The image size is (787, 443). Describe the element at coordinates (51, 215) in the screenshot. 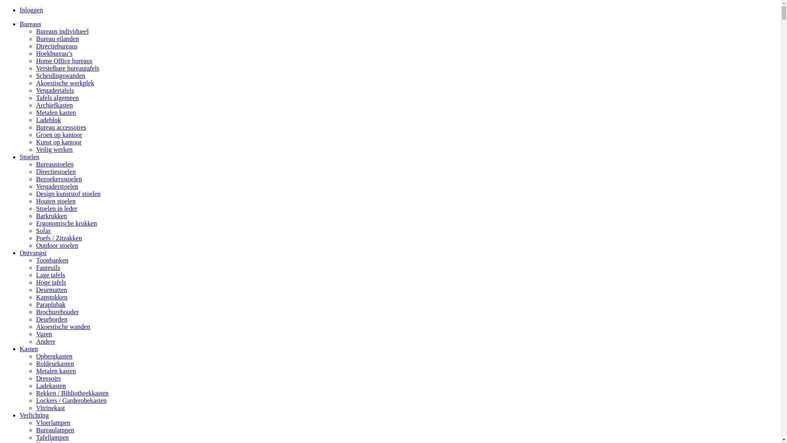

I see `'Barkrukken'` at that location.